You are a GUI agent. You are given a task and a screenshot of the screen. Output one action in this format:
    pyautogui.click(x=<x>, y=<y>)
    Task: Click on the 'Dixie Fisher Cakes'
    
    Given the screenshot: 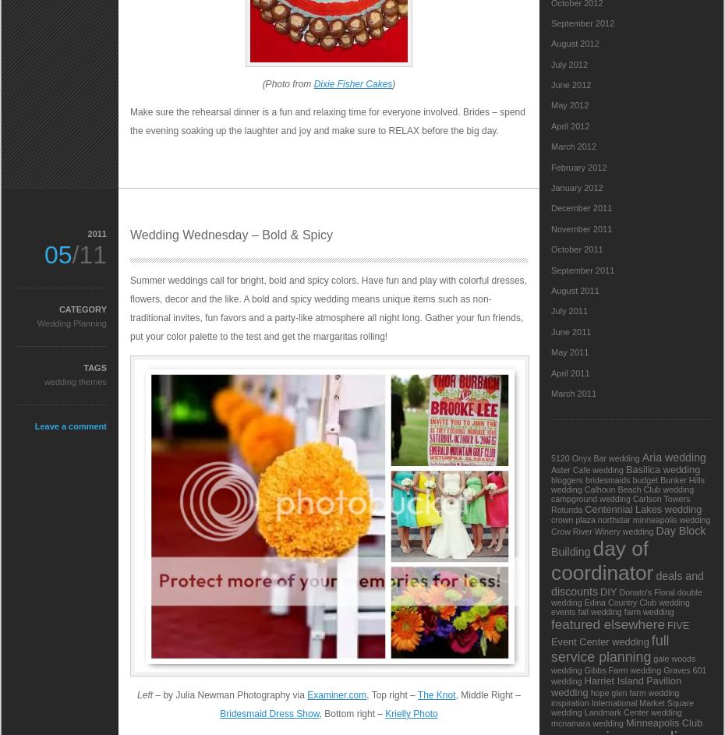 What is the action you would take?
    pyautogui.click(x=352, y=83)
    